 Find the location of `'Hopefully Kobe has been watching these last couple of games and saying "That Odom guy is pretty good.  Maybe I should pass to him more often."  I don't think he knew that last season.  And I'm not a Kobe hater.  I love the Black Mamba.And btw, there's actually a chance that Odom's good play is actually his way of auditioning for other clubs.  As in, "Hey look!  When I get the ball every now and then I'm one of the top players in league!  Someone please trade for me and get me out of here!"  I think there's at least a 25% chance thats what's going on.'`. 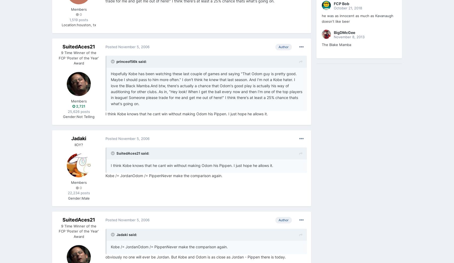

'Hopefully Kobe has been watching these last couple of games and saying "That Odom guy is pretty good.  Maybe I should pass to him more often."  I don't think he knew that last season.  And I'm not a Kobe hater.  I love the Black Mamba.And btw, there's actually a chance that Odom's good play is actually his way of auditioning for other clubs.  As in, "Hey look!  When I get the ball every now and then I'm one of the top players in league!  Someone please trade for me and get me out of here!"  I think there's at least a 25% chance thats what's going on.' is located at coordinates (206, 88).